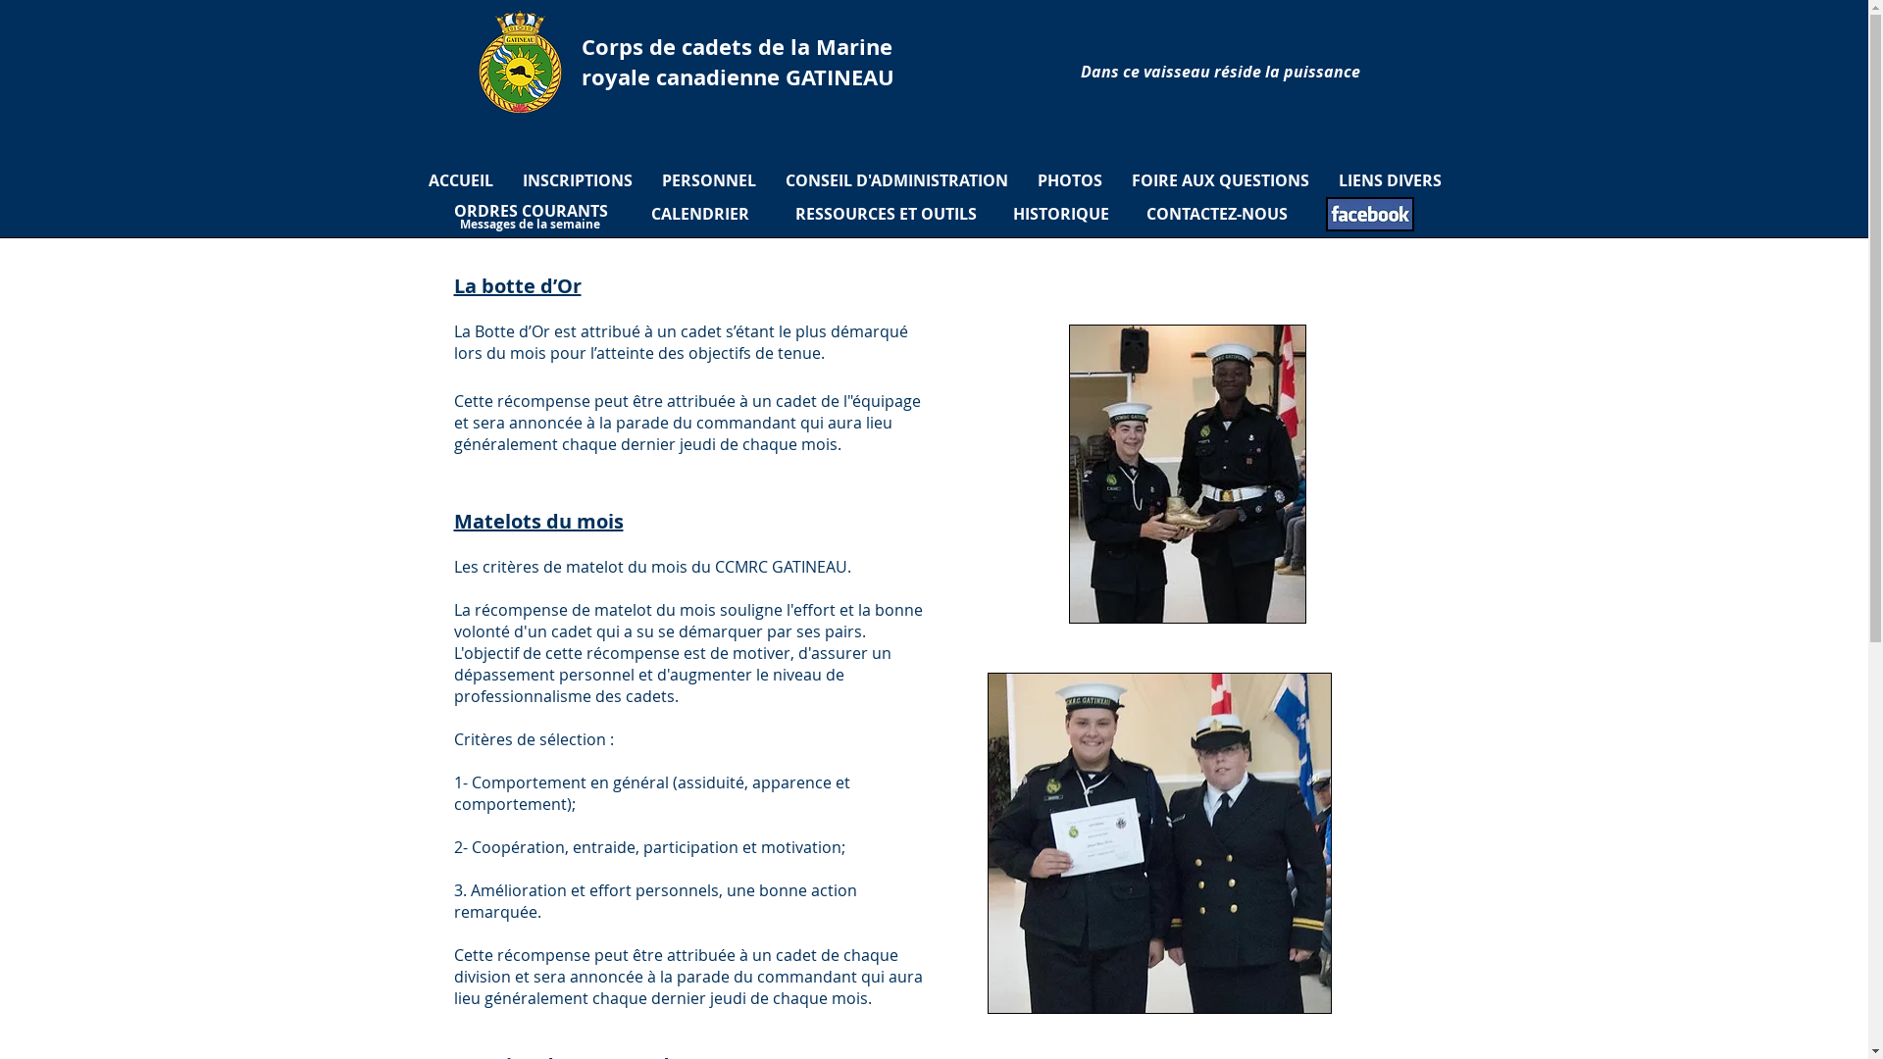 The image size is (1883, 1059). What do you see at coordinates (577, 180) in the screenshot?
I see `'INSCRIPTIONS'` at bounding box center [577, 180].